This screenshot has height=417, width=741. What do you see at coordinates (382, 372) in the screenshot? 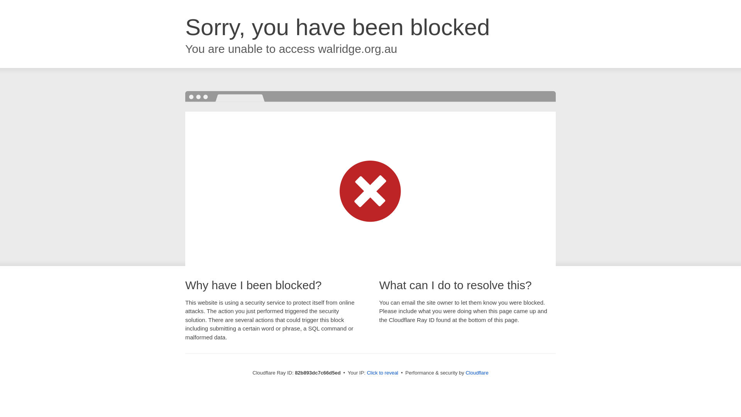
I see `'Click to reveal'` at bounding box center [382, 372].